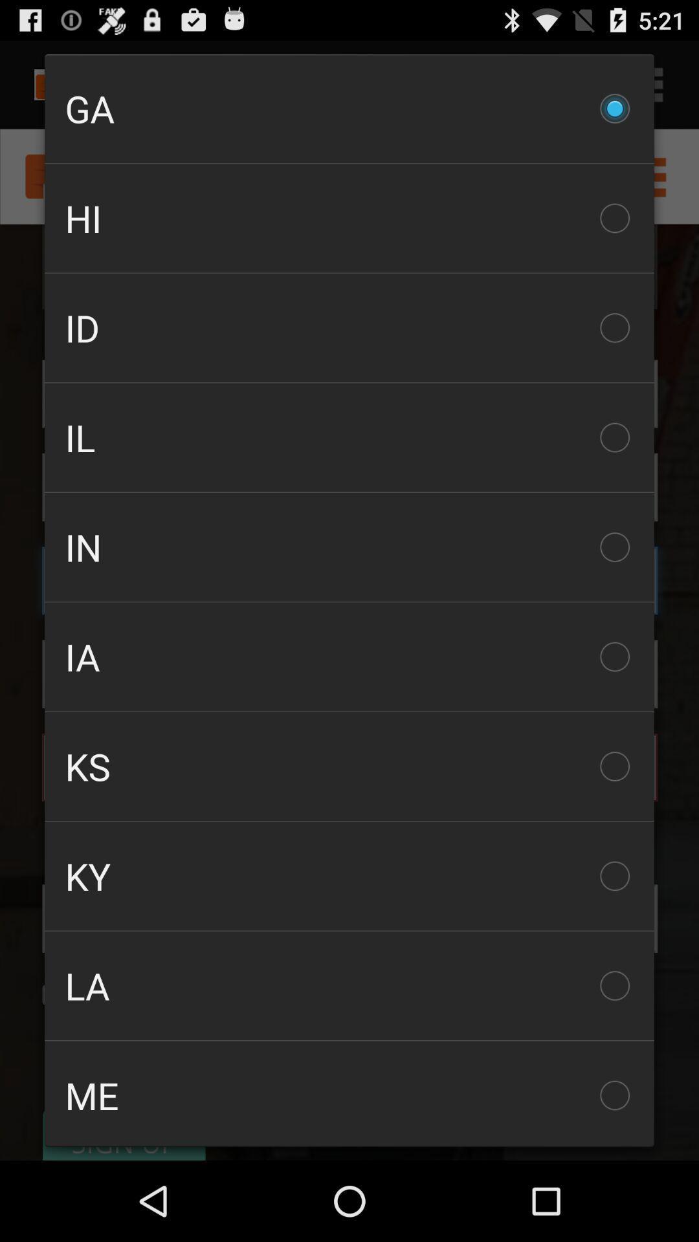 The width and height of the screenshot is (699, 1242). What do you see at coordinates (349, 767) in the screenshot?
I see `the ks` at bounding box center [349, 767].